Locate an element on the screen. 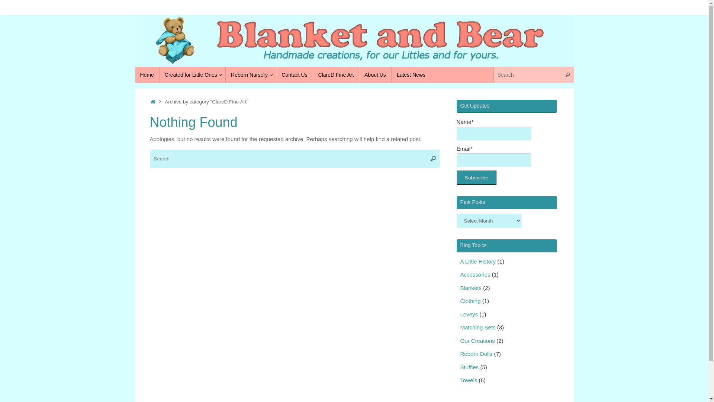 Image resolution: width=714 pixels, height=402 pixels. 'Clothing' is located at coordinates (470, 300).